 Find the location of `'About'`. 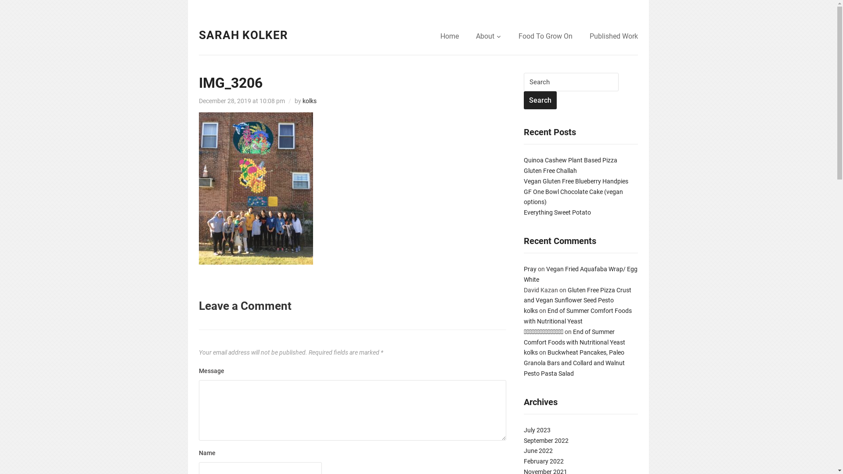

'About' is located at coordinates (476, 36).